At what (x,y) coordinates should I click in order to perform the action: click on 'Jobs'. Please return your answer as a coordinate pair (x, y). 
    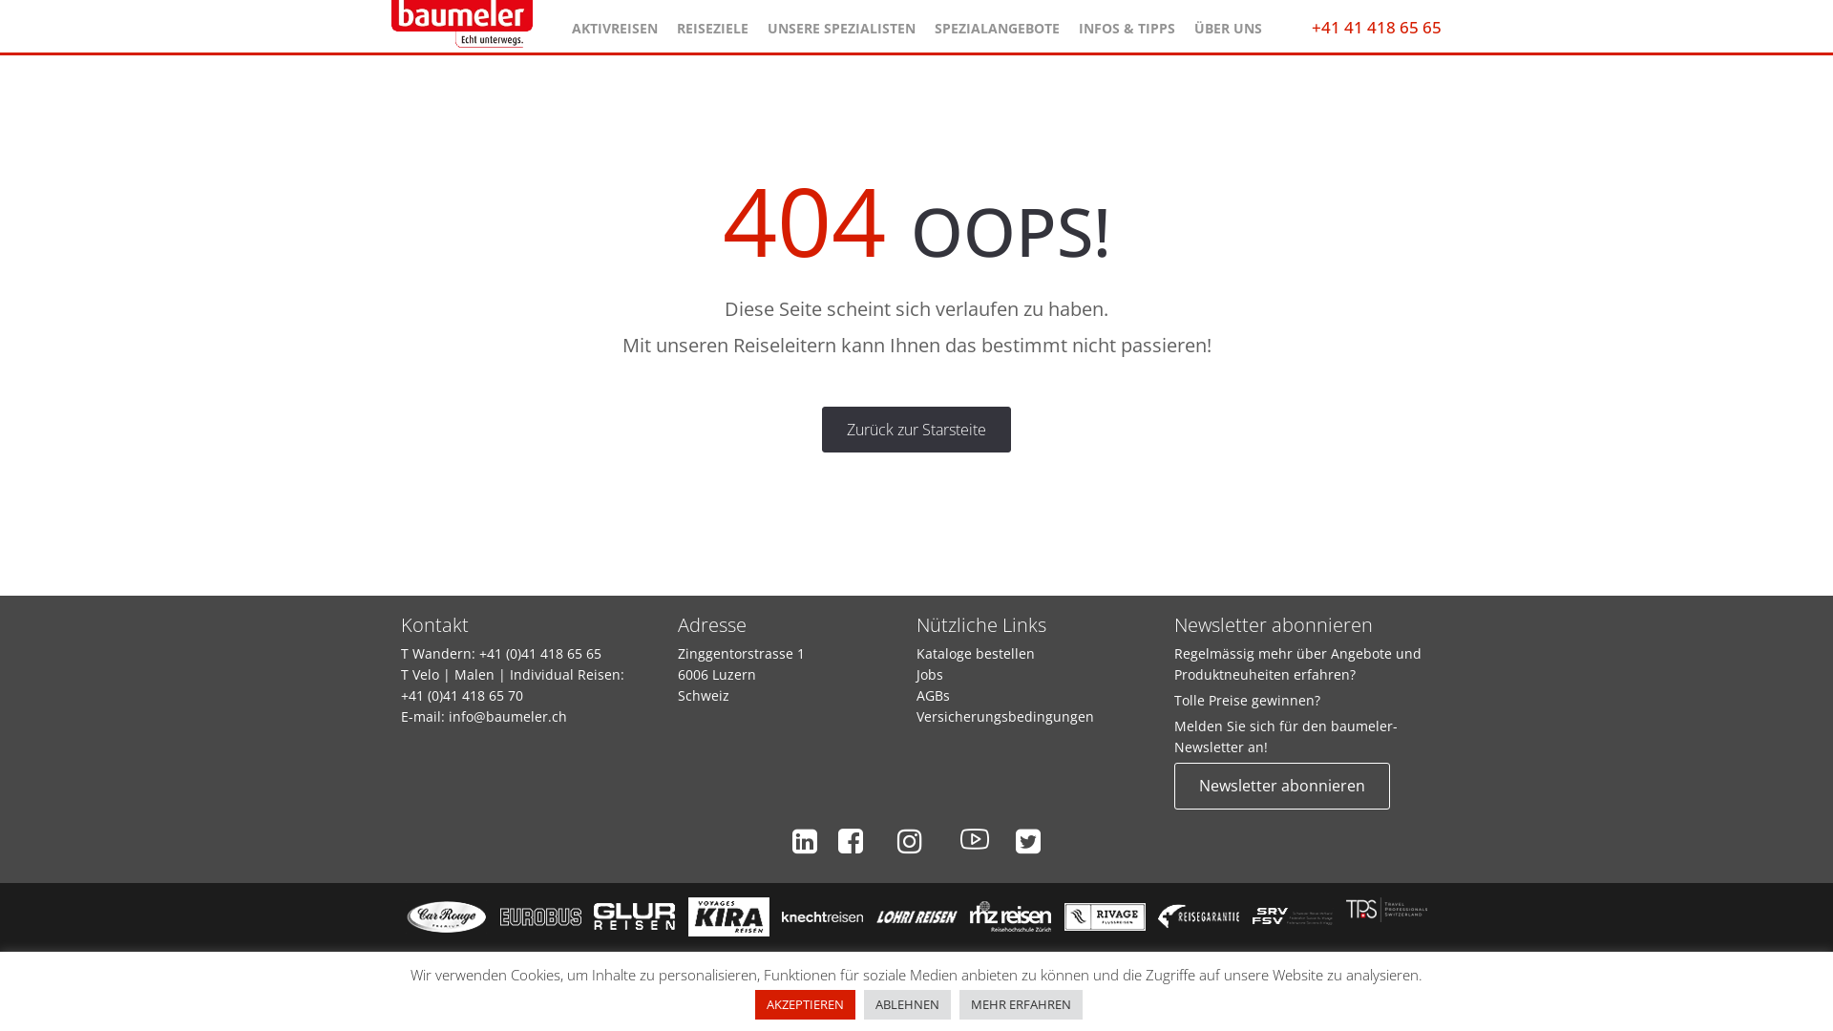
    Looking at the image, I should click on (916, 673).